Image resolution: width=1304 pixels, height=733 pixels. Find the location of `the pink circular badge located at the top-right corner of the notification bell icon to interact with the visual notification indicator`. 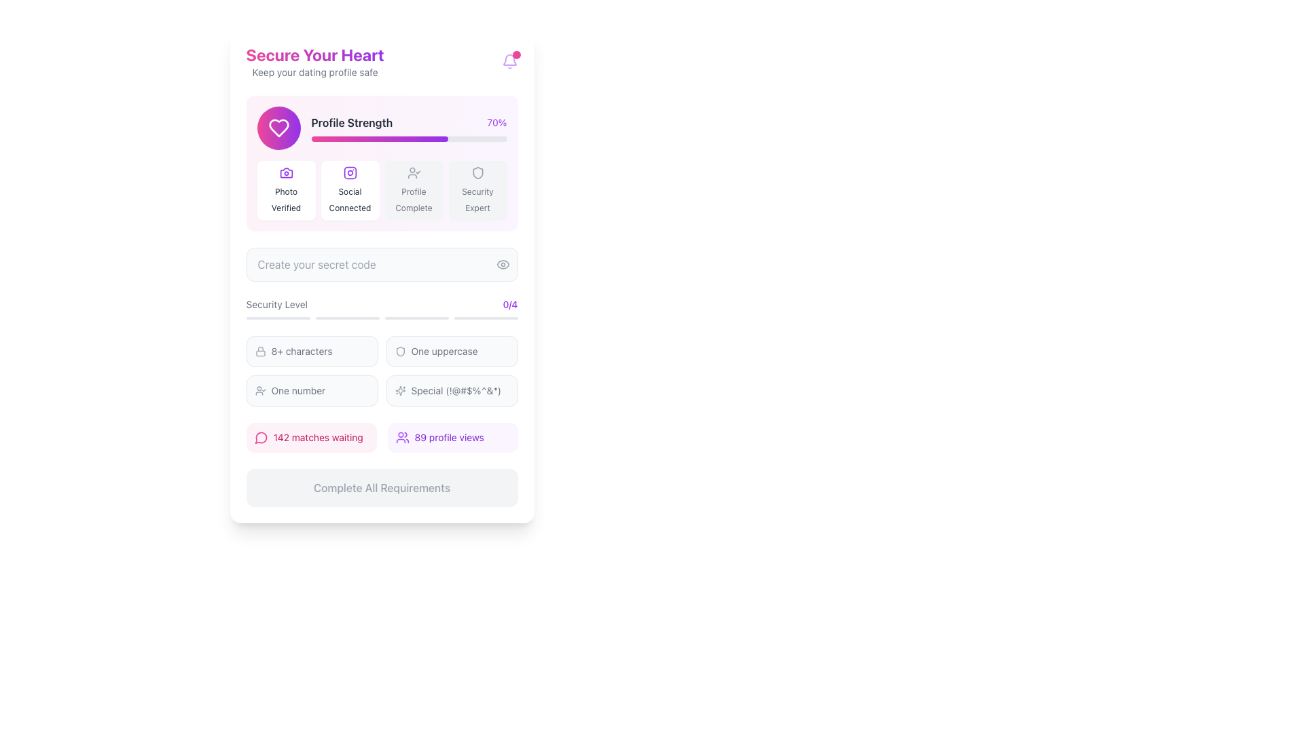

the pink circular badge located at the top-right corner of the notification bell icon to interact with the visual notification indicator is located at coordinates (515, 54).